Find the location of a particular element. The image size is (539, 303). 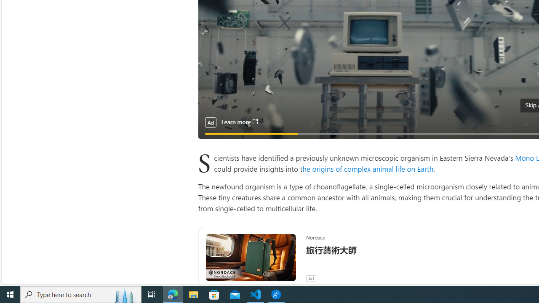

'he origins of complex animal life on Earth' is located at coordinates (368, 168).